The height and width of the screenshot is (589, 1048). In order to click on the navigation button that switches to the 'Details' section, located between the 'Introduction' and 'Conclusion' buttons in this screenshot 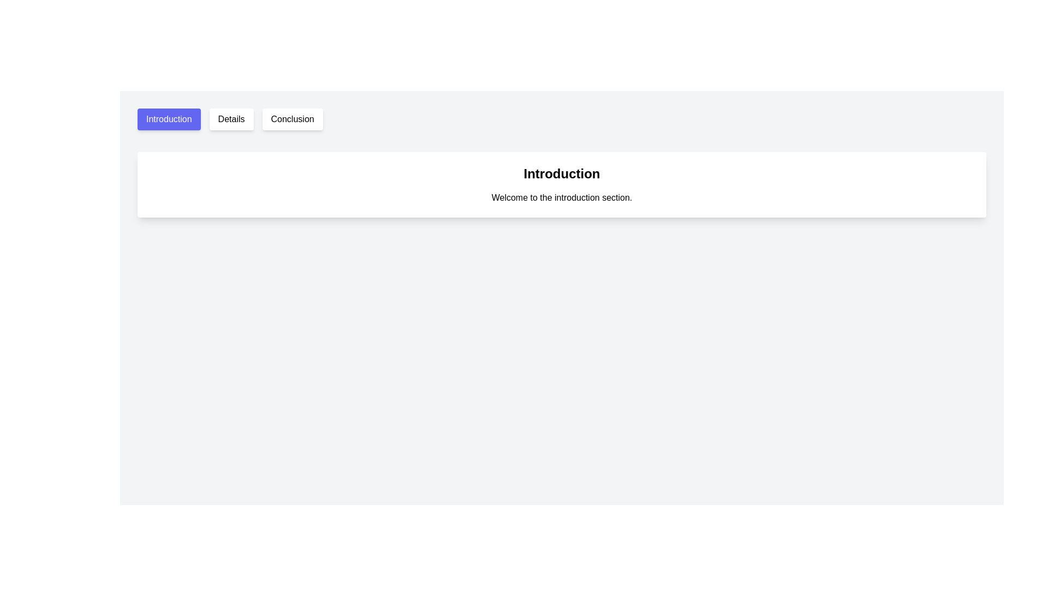, I will do `click(231, 119)`.